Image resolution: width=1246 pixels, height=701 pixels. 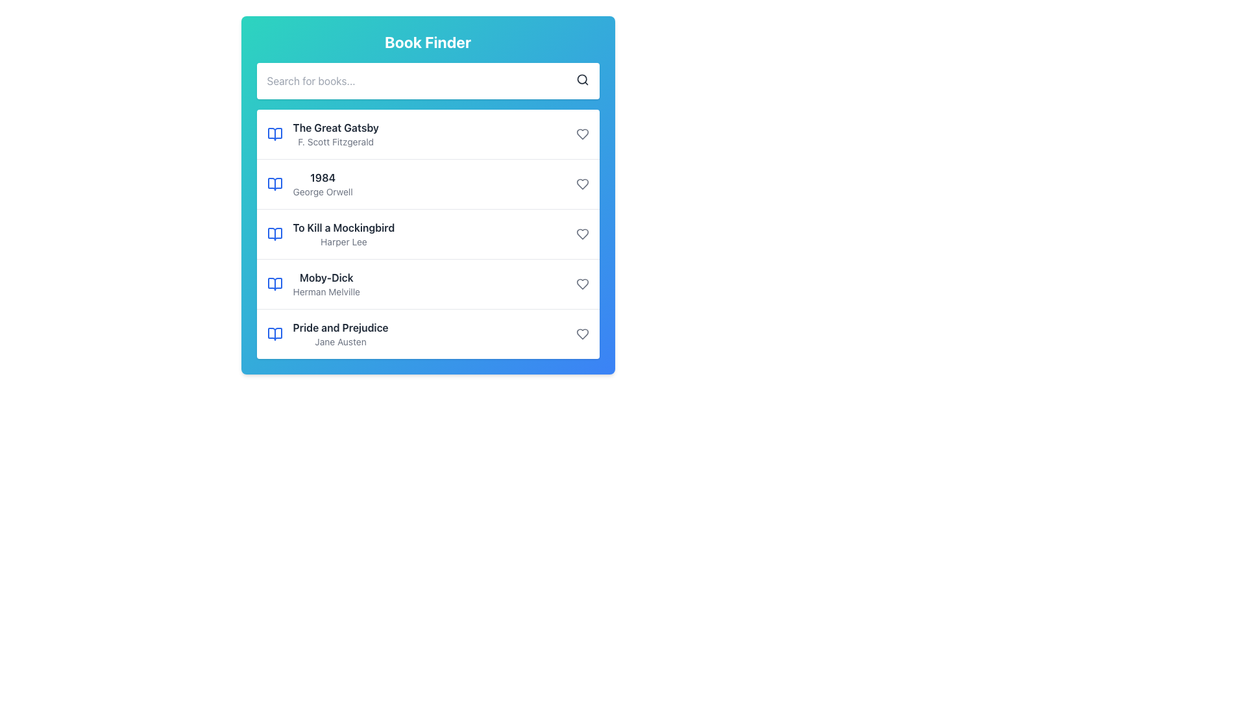 I want to click on the title and subtitle text element representing 'The Great Gatsby' and 'F. Scott Fitzgerald' in the 'Book Finder' interface, so click(x=336, y=134).